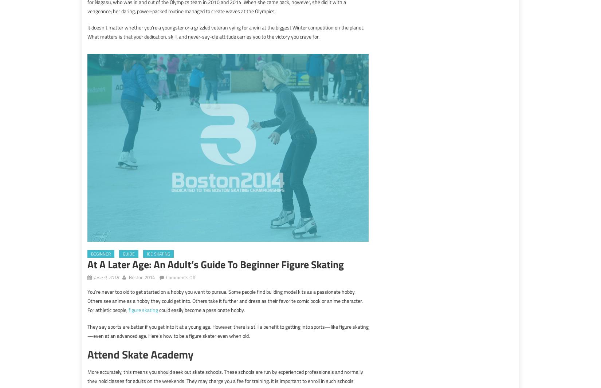  What do you see at coordinates (157, 310) in the screenshot?
I see `'could easily become a passionate hobby.'` at bounding box center [157, 310].